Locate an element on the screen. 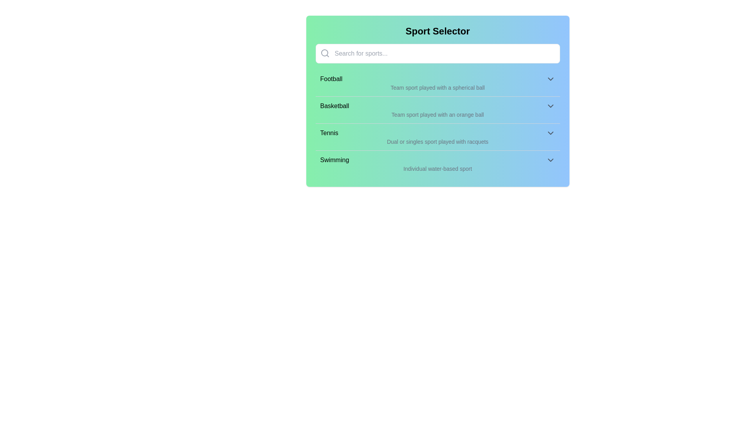 The image size is (752, 423). the search input field adjacent to the search icon located at the top-left corner of the field is located at coordinates (325, 53).